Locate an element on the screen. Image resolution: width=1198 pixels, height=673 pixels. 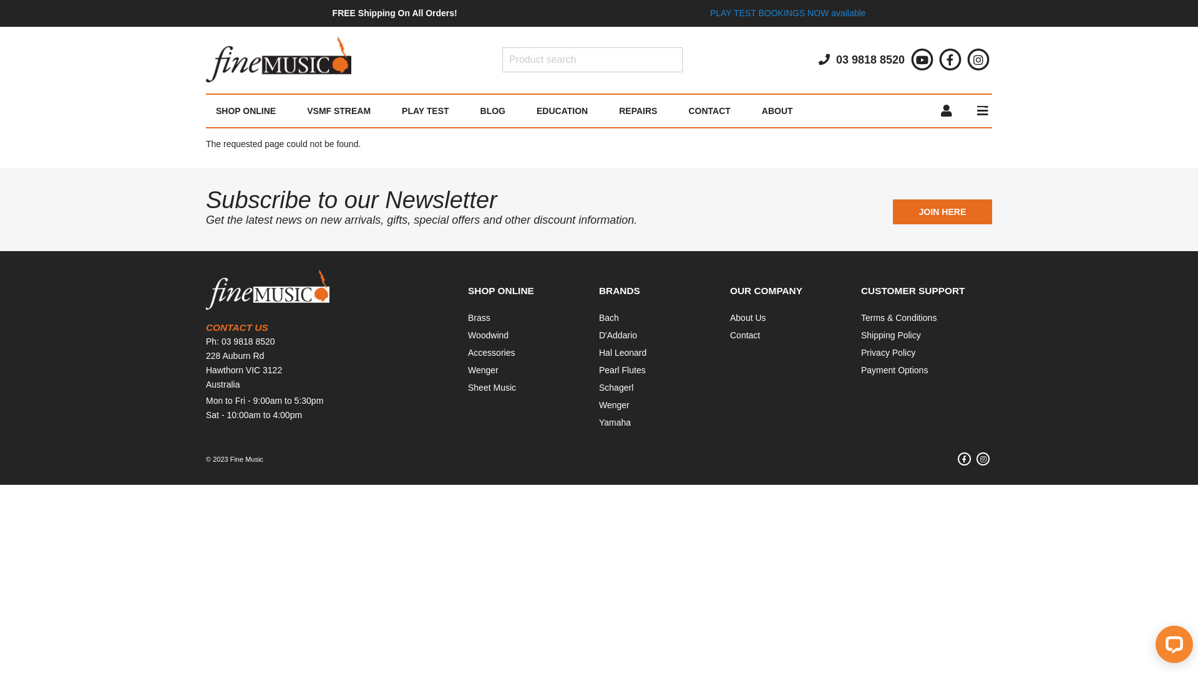
'Bach' is located at coordinates (608, 317).